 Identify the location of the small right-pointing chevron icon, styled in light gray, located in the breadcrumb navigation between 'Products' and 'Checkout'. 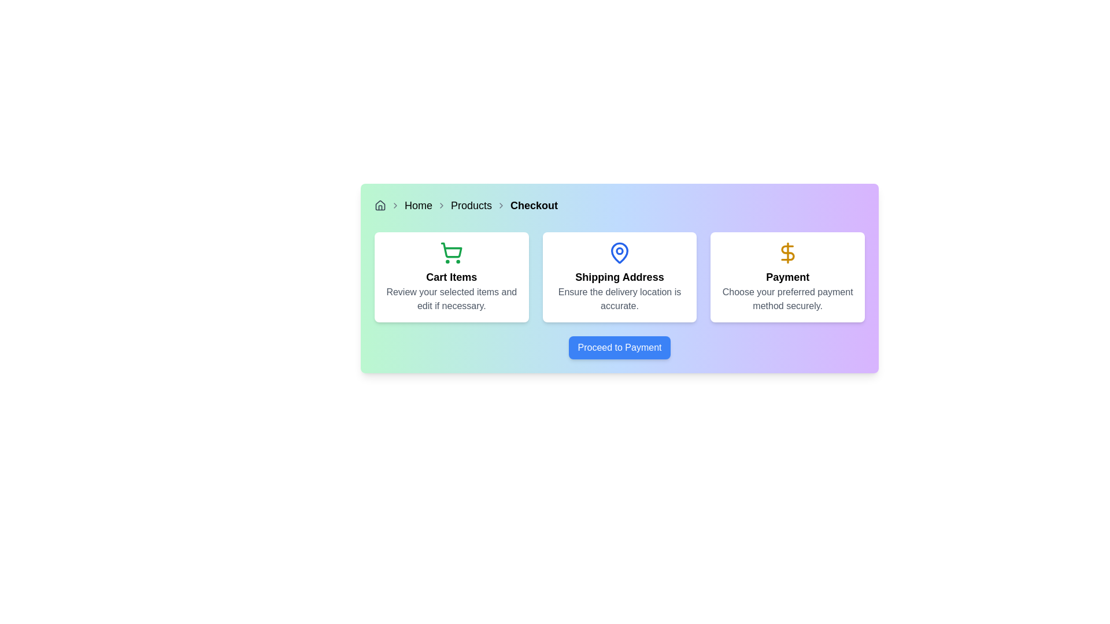
(501, 205).